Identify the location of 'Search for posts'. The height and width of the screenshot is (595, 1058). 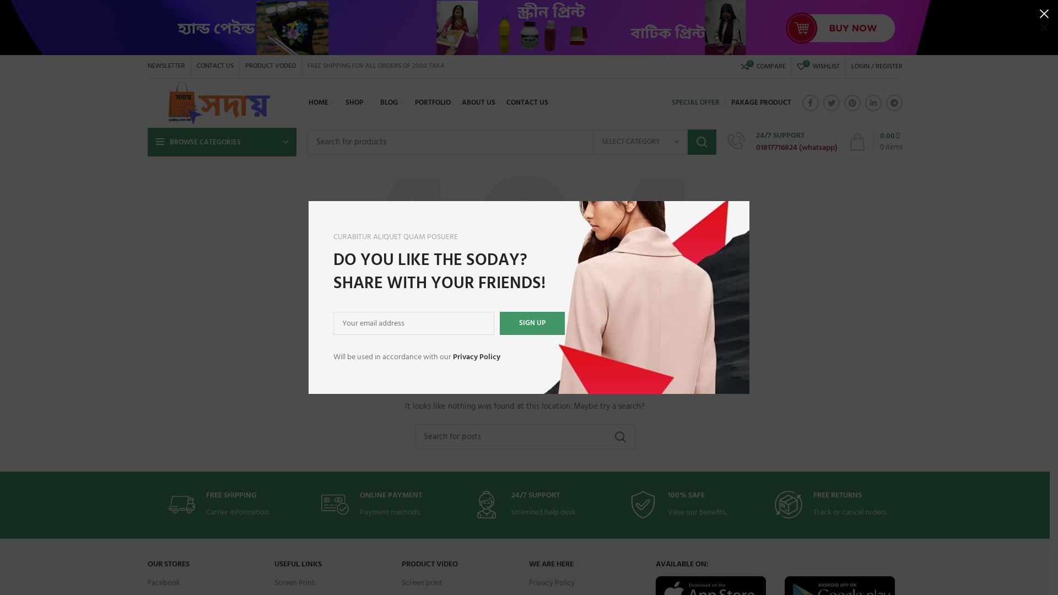
(523, 436).